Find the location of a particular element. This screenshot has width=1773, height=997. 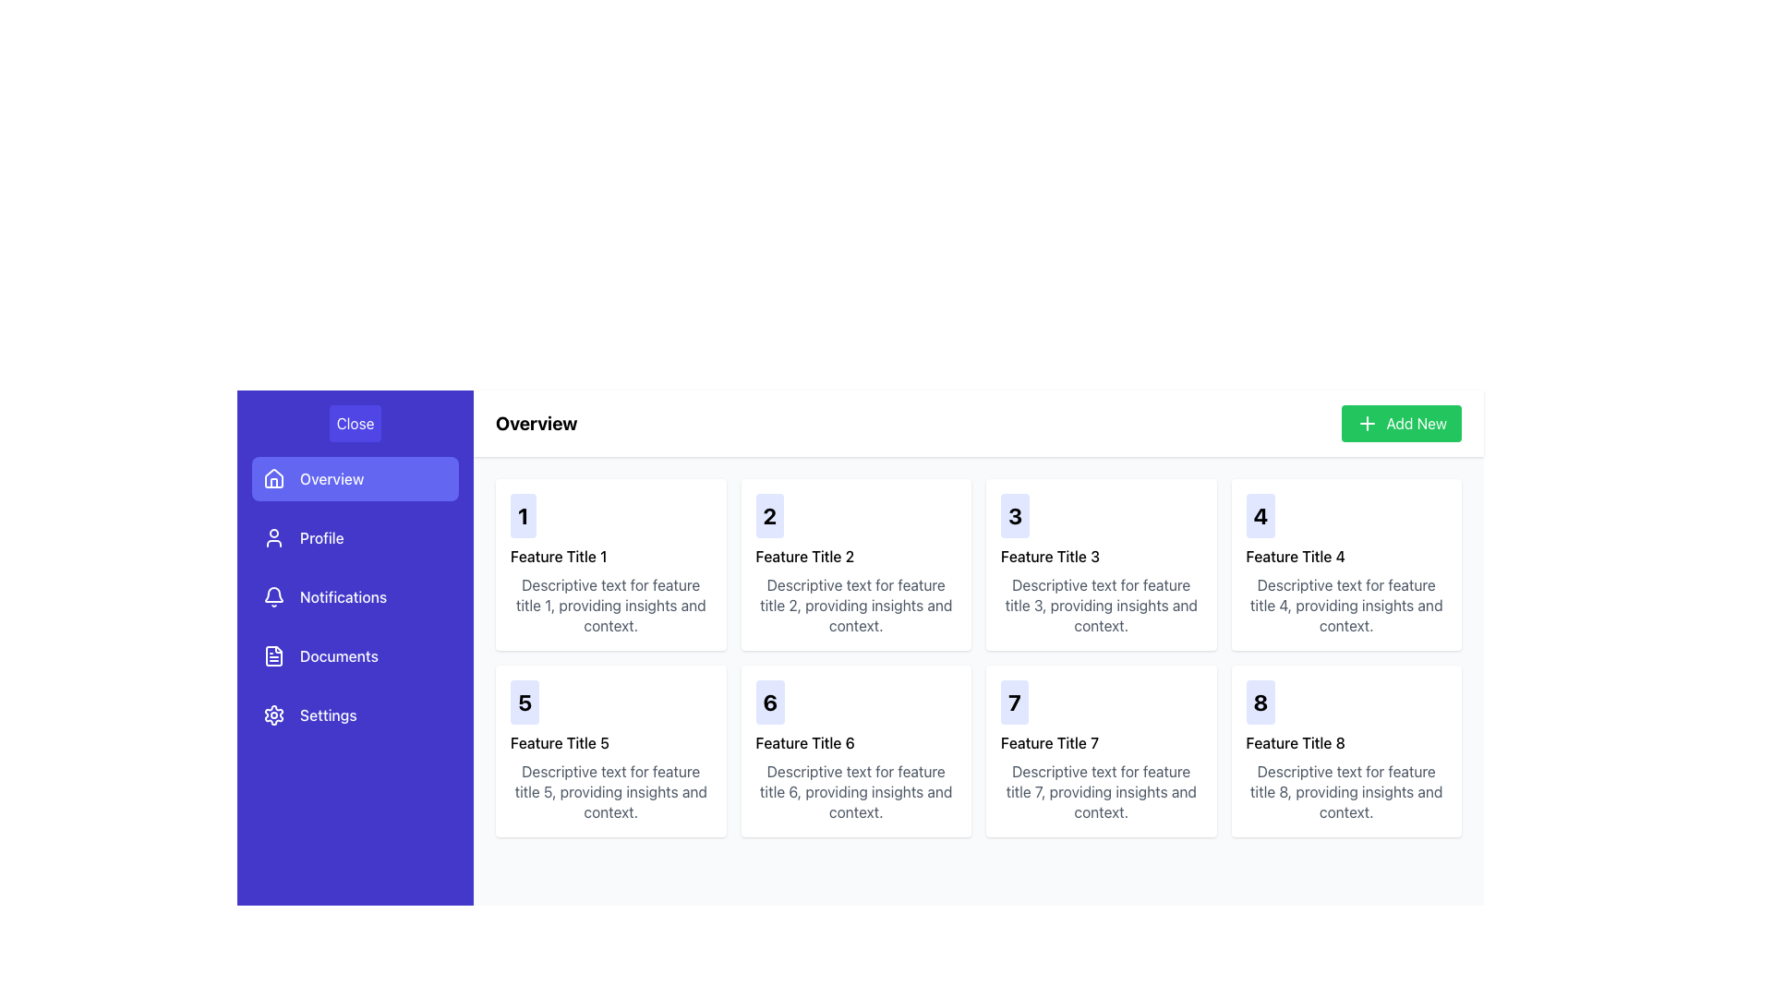

the text label displaying 'Feature Title 6', which is positioned below the number '6' and above descriptive text in the card layout is located at coordinates (805, 742).